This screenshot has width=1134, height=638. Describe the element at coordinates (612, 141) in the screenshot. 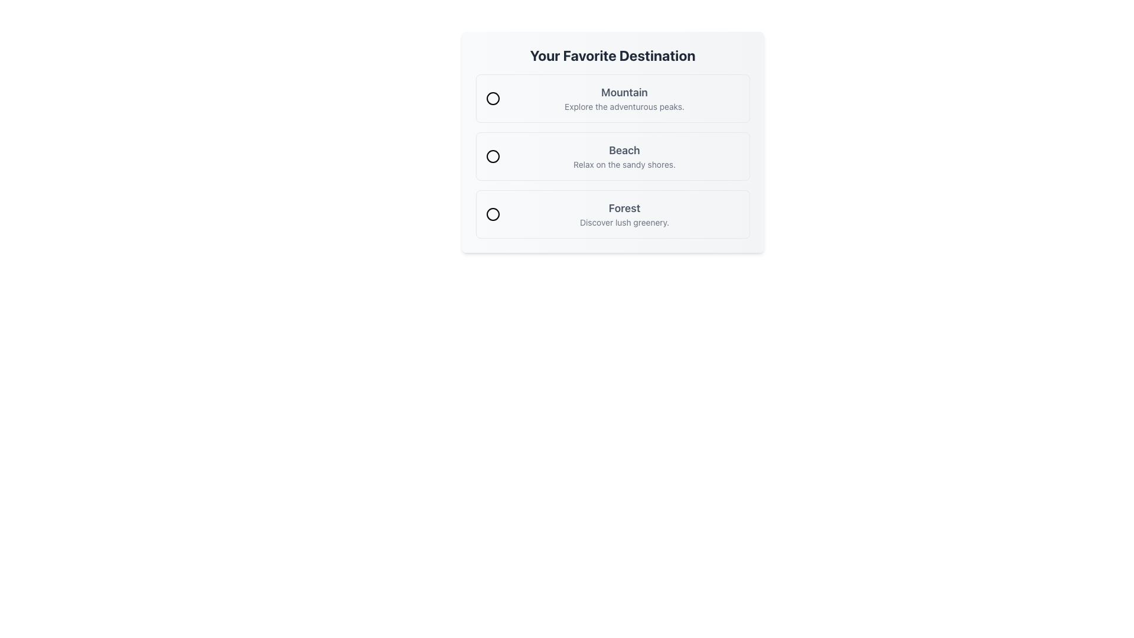

I see `the radio button within the 'Your Favorite Destination' section` at that location.